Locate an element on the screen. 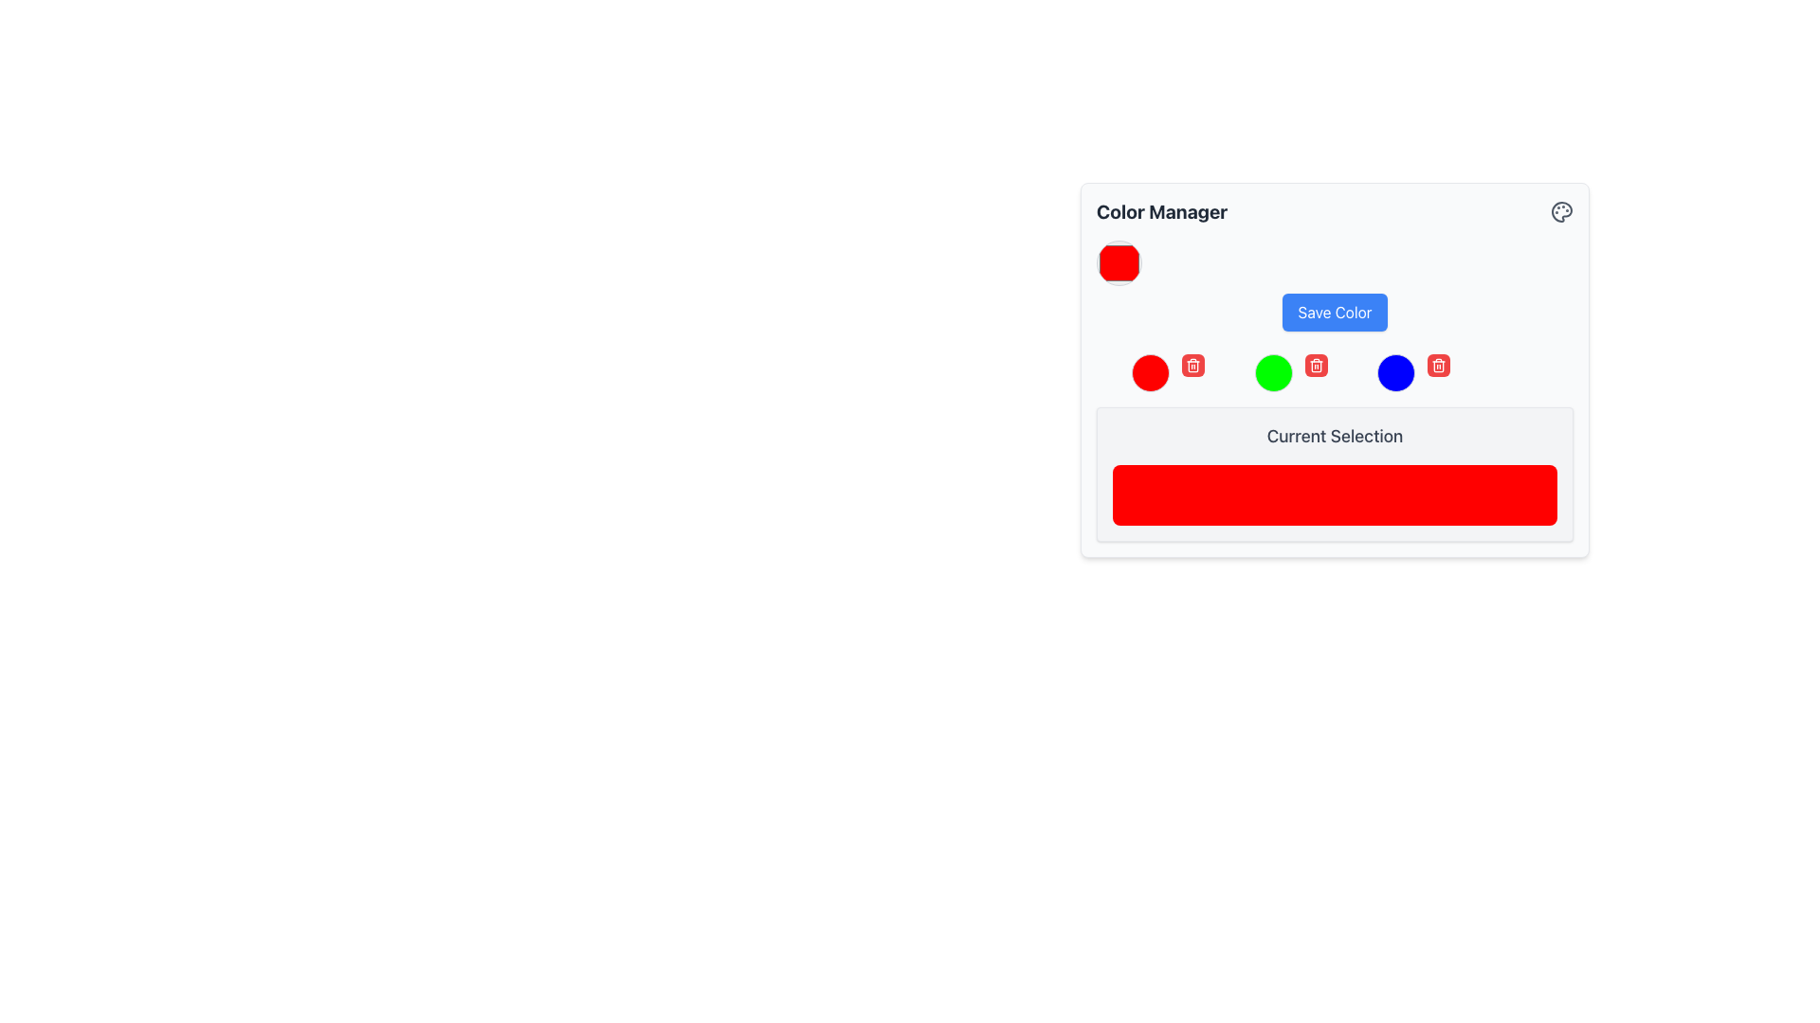  the blue circular color swatch located as the fourth item in the 'Color Manager' section is located at coordinates (1396, 372).